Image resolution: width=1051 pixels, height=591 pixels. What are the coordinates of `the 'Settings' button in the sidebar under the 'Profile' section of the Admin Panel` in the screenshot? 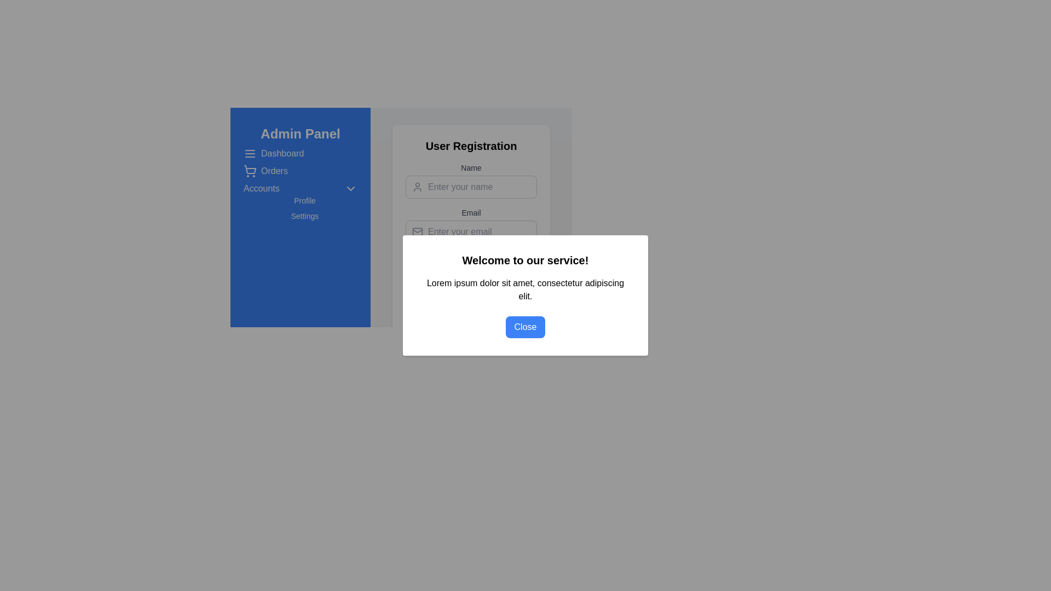 It's located at (304, 216).